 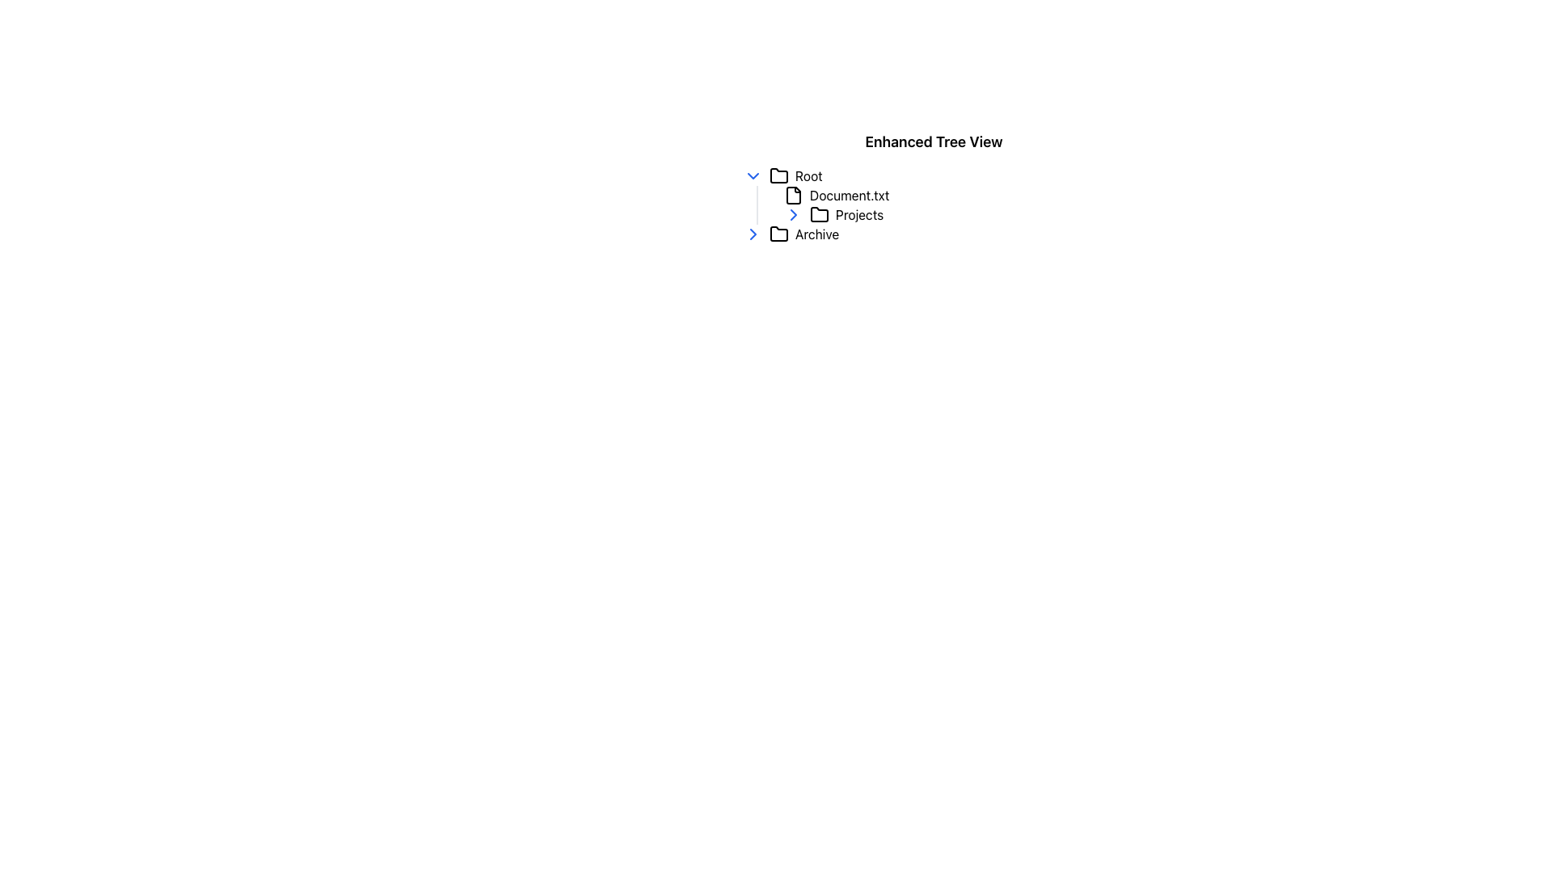 What do you see at coordinates (819, 213) in the screenshot?
I see `the folder-shaped icon that is part of the hierarchical tree structure, located directly to the left of the text 'Projects'` at bounding box center [819, 213].